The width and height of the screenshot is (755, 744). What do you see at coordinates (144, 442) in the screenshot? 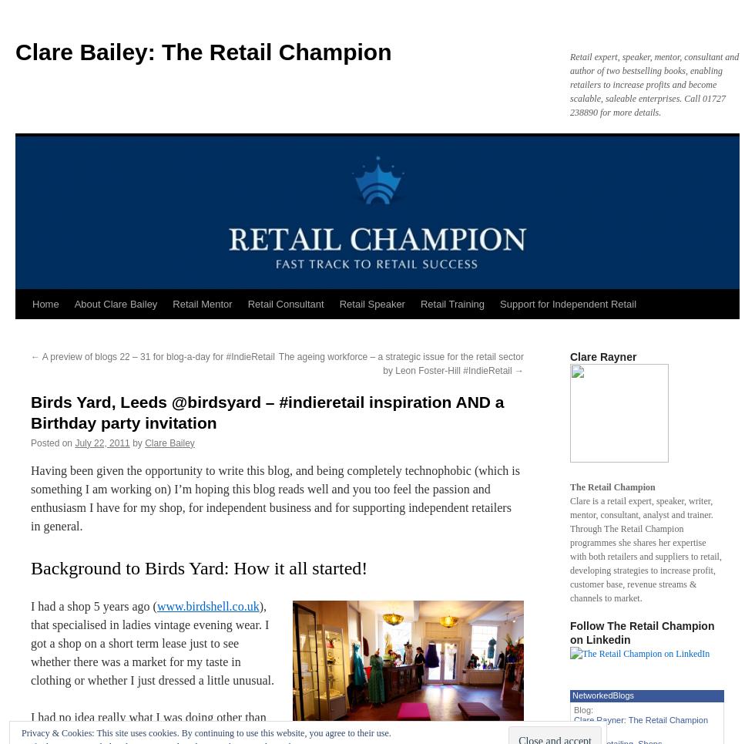
I see `'Clare Bailey'` at bounding box center [144, 442].